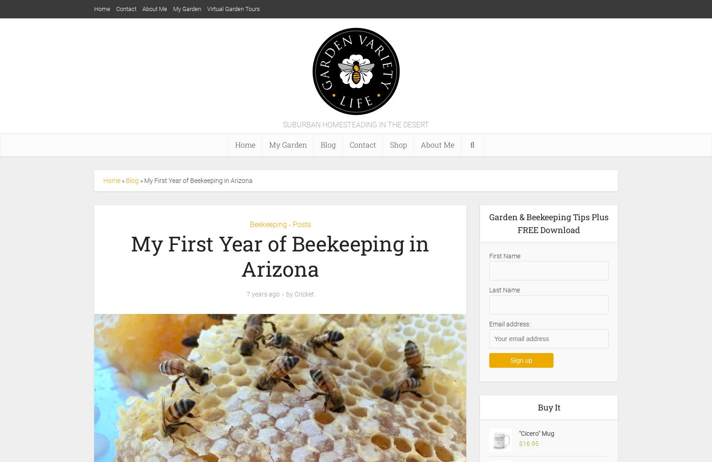  What do you see at coordinates (509, 324) in the screenshot?
I see `'Email address:'` at bounding box center [509, 324].